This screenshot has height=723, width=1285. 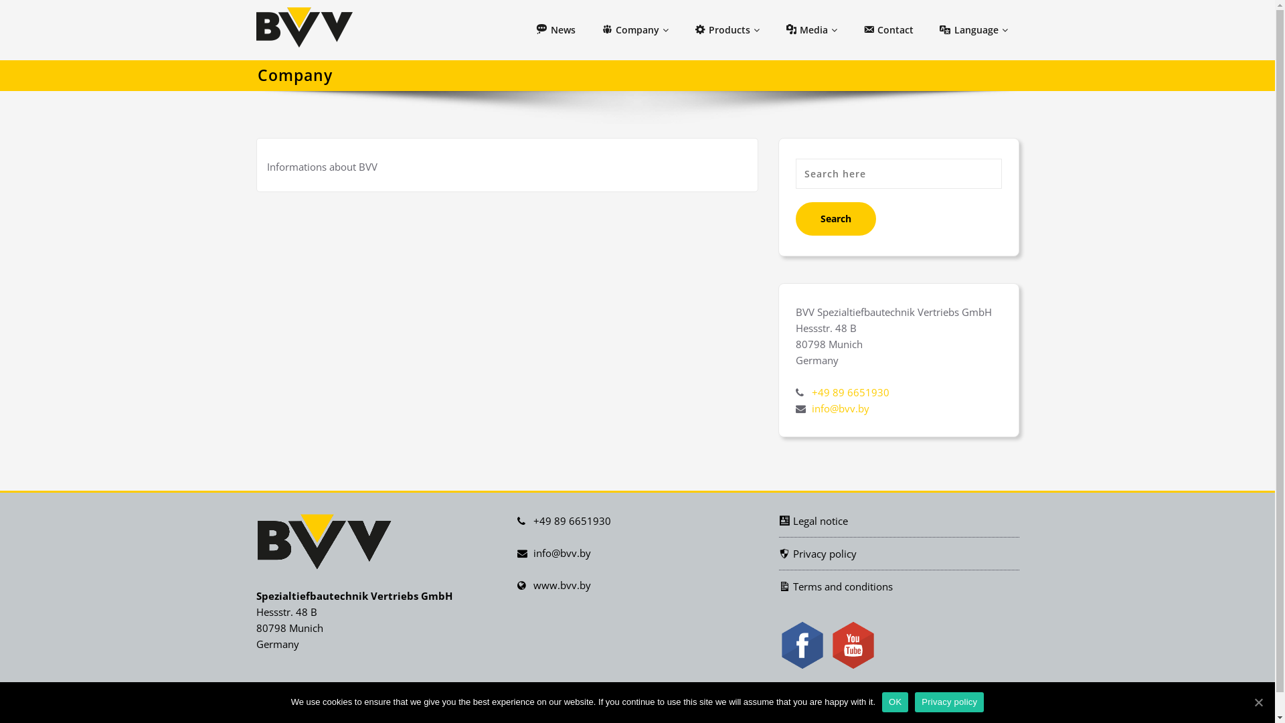 I want to click on 'Products', so click(x=725, y=30).